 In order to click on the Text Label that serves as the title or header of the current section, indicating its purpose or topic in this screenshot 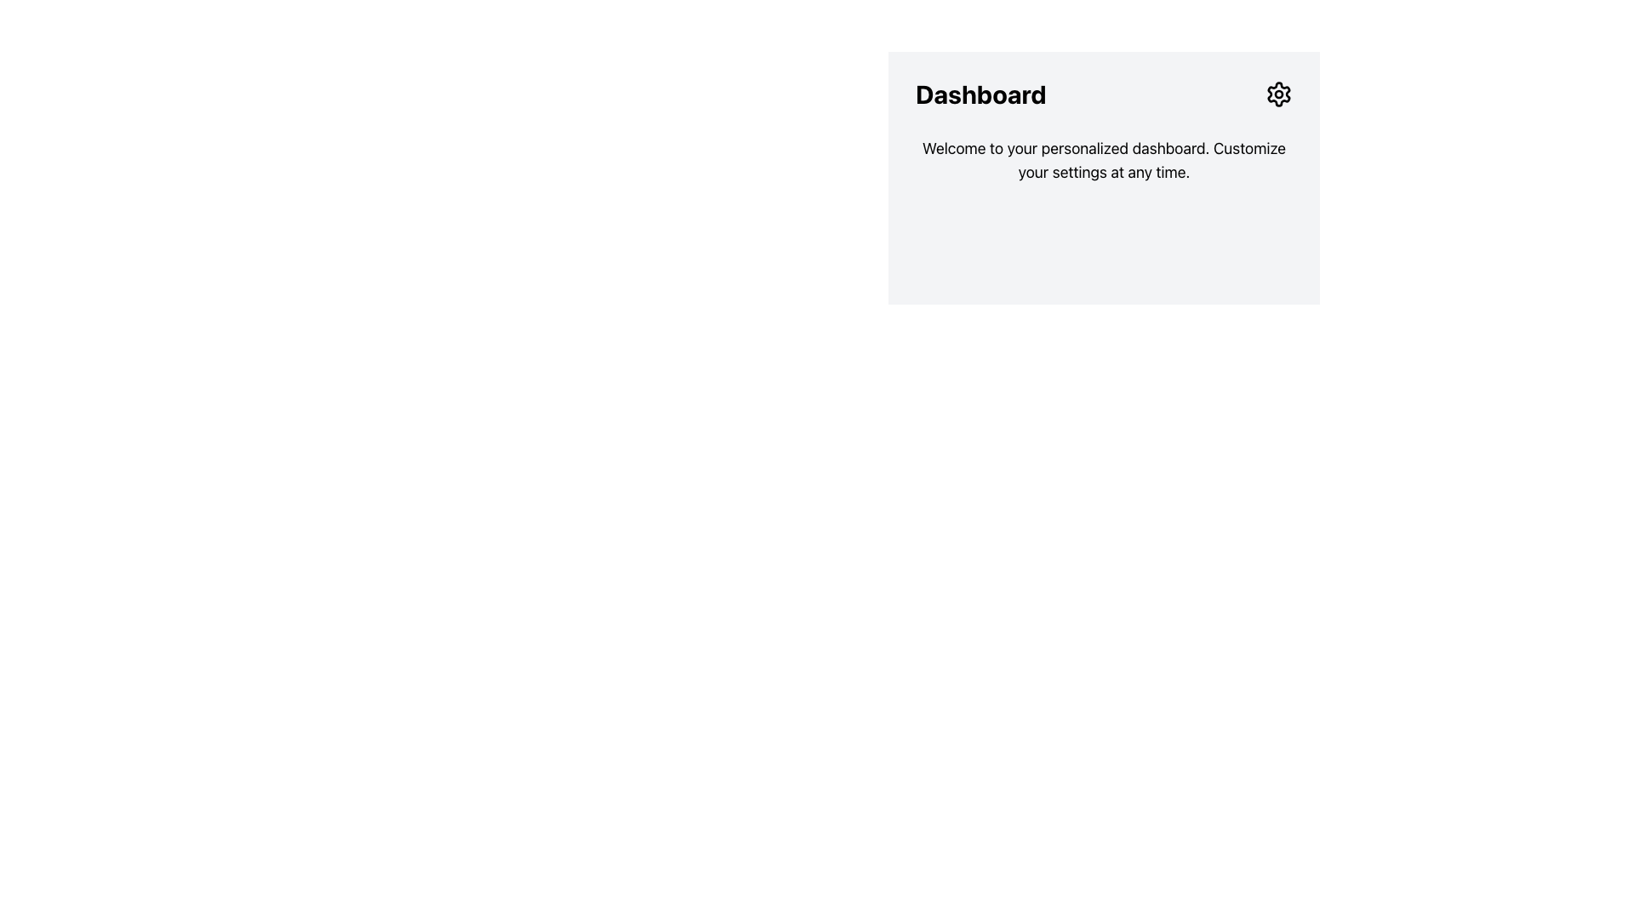, I will do `click(980, 94)`.